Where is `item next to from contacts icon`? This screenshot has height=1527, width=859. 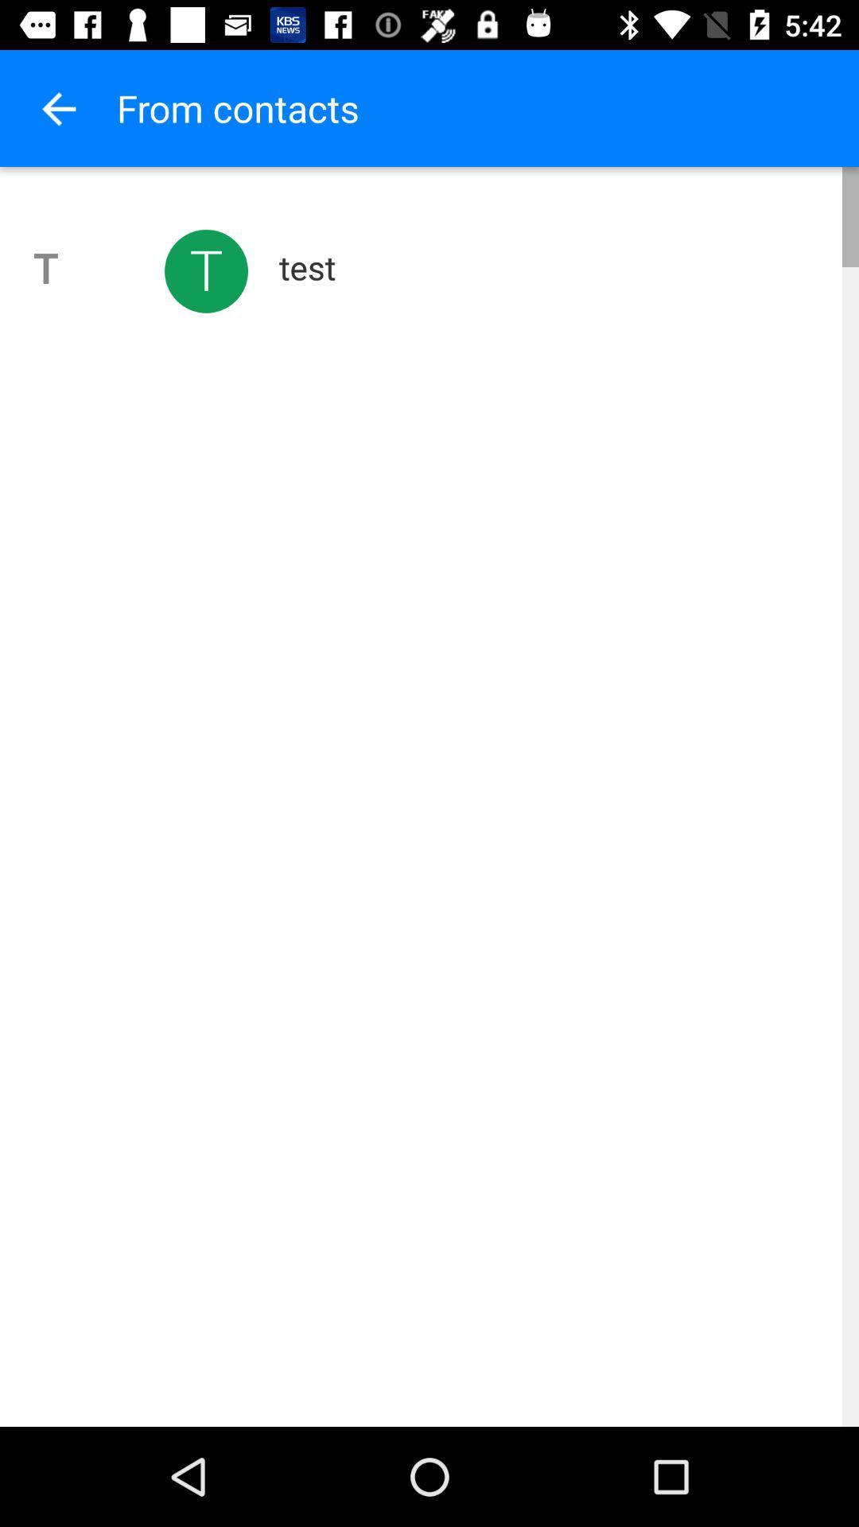 item next to from contacts icon is located at coordinates (57, 107).